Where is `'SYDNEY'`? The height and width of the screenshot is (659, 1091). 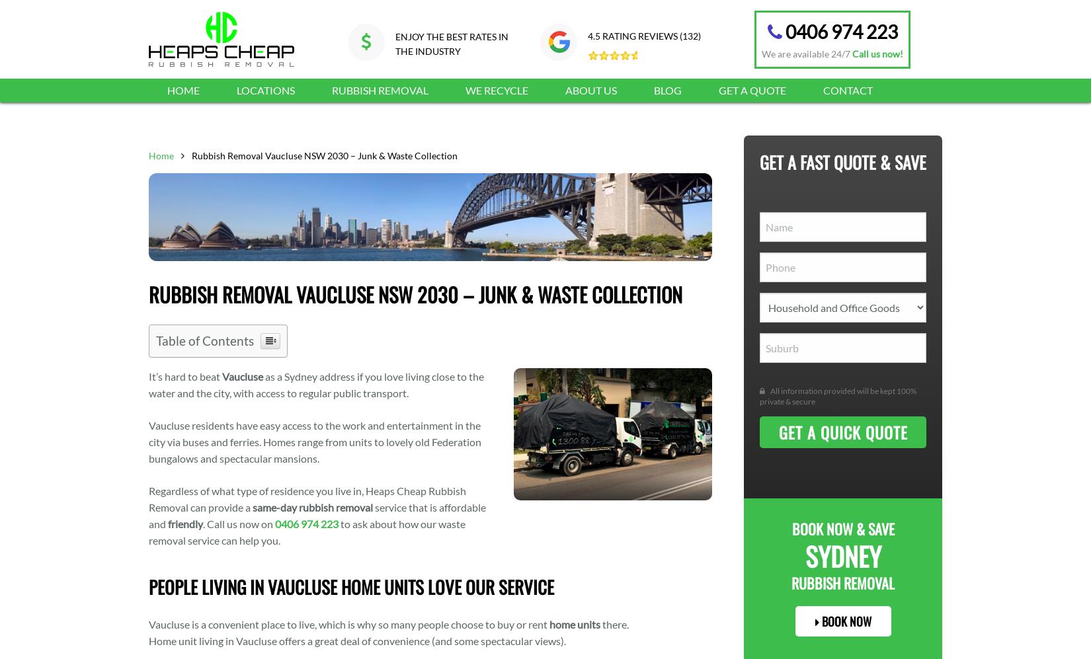 'SYDNEY' is located at coordinates (842, 555).